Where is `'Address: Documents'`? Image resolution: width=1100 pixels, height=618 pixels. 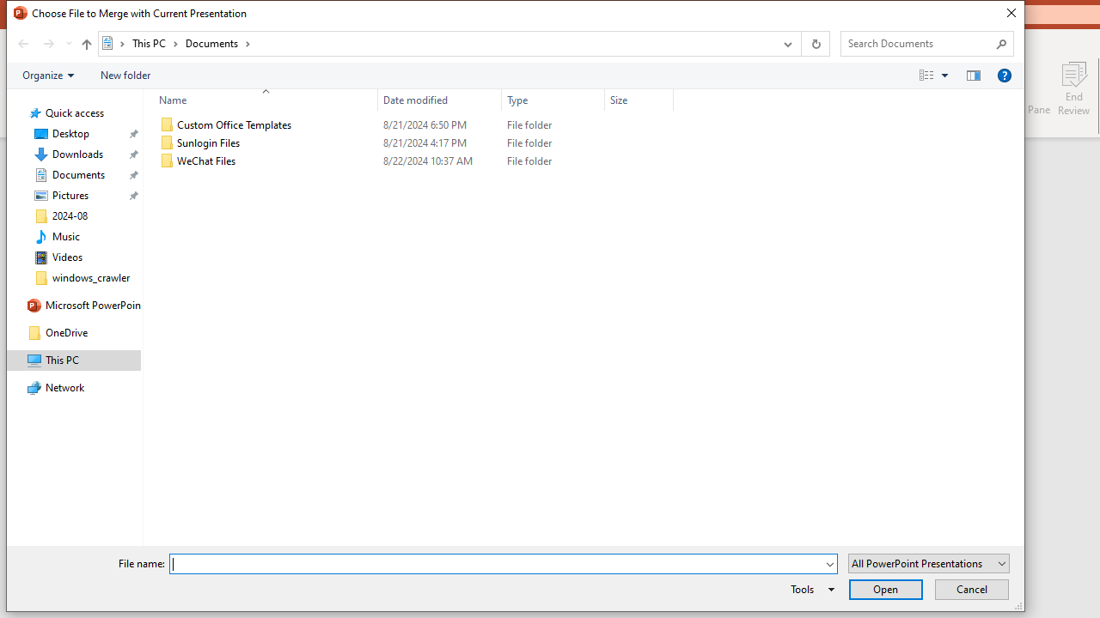 'Address: Documents' is located at coordinates (435, 43).